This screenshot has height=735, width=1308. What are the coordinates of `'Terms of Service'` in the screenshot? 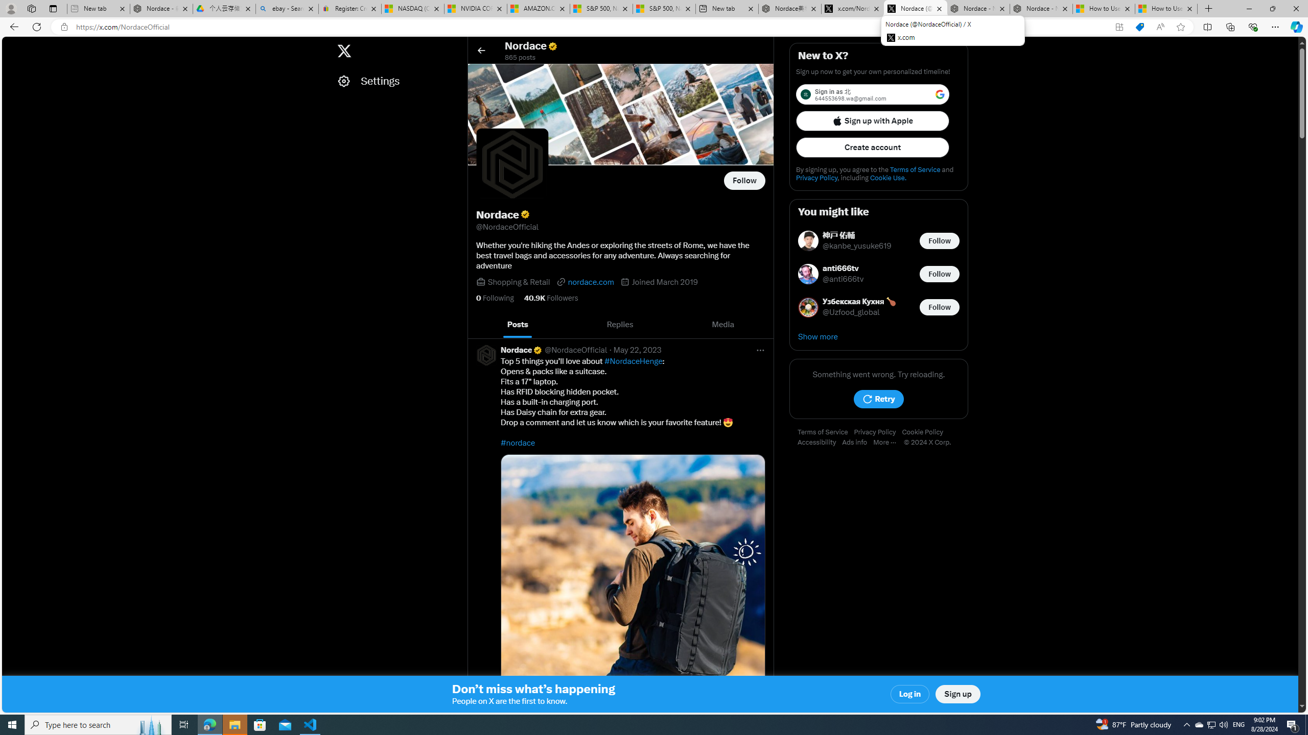 It's located at (825, 432).